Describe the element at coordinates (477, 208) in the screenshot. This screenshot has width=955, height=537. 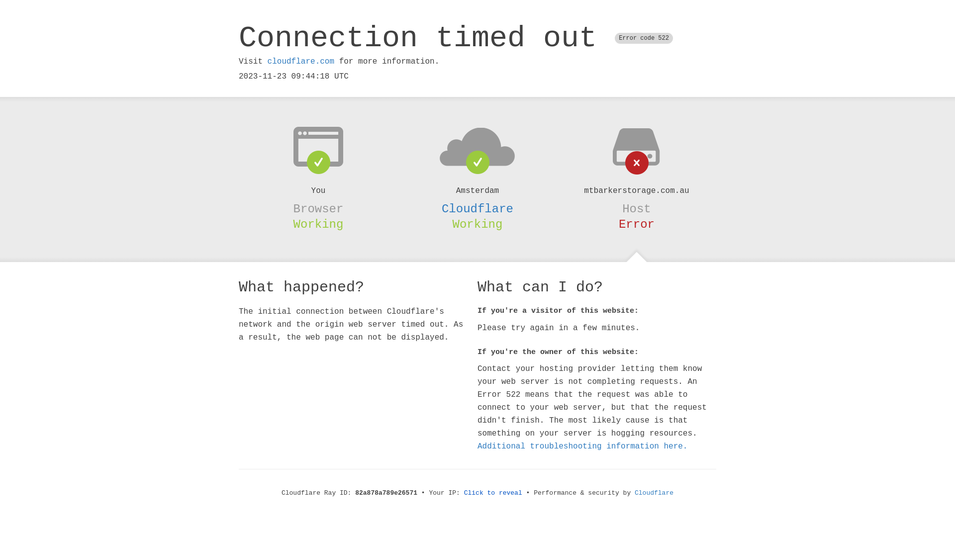
I see `'Cloudflare'` at that location.